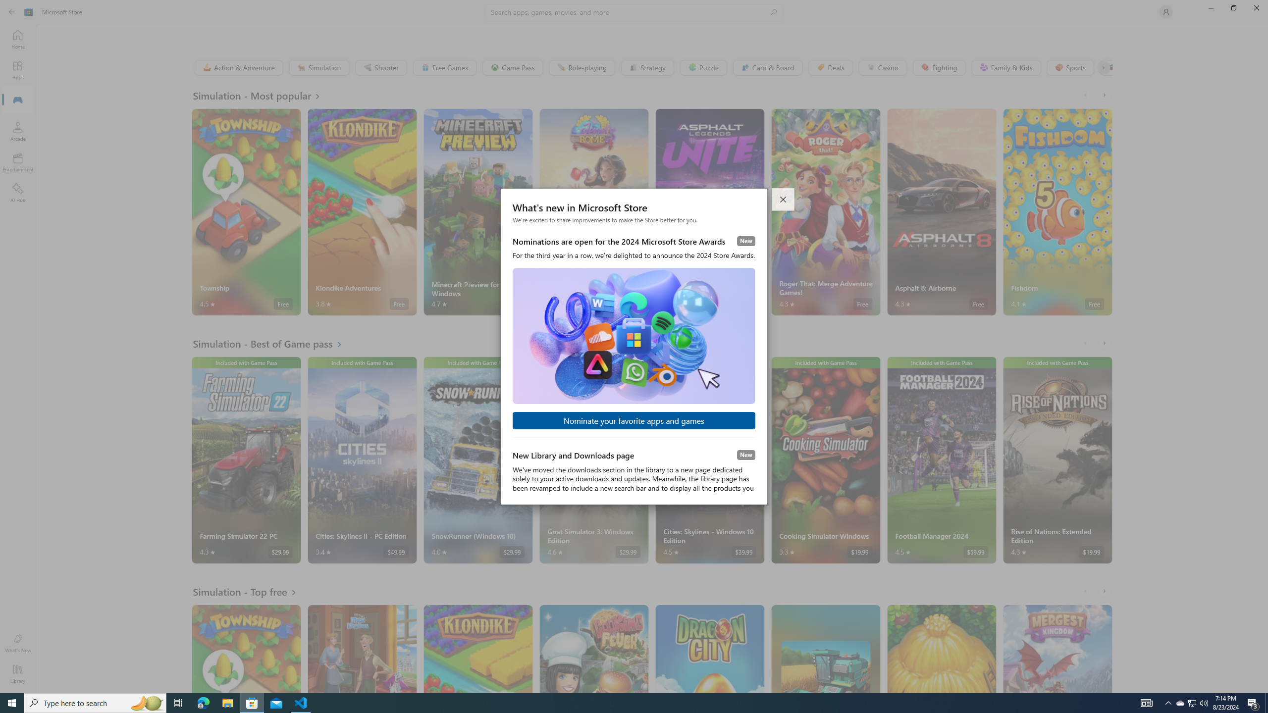 This screenshot has height=713, width=1268. I want to click on 'Shooter', so click(380, 67).